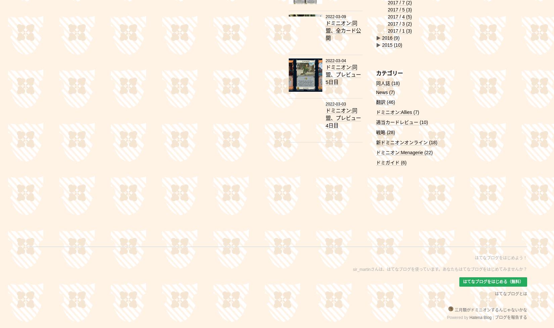 The image size is (554, 328). What do you see at coordinates (409, 16) in the screenshot?
I see `'(5)'` at bounding box center [409, 16].